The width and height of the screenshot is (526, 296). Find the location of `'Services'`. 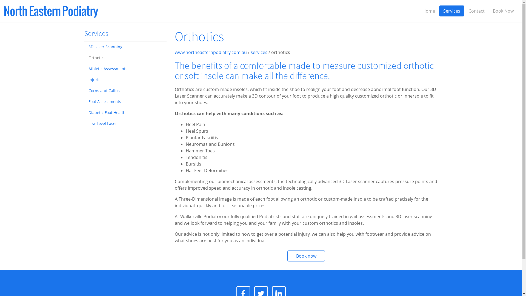

'Services' is located at coordinates (96, 34).